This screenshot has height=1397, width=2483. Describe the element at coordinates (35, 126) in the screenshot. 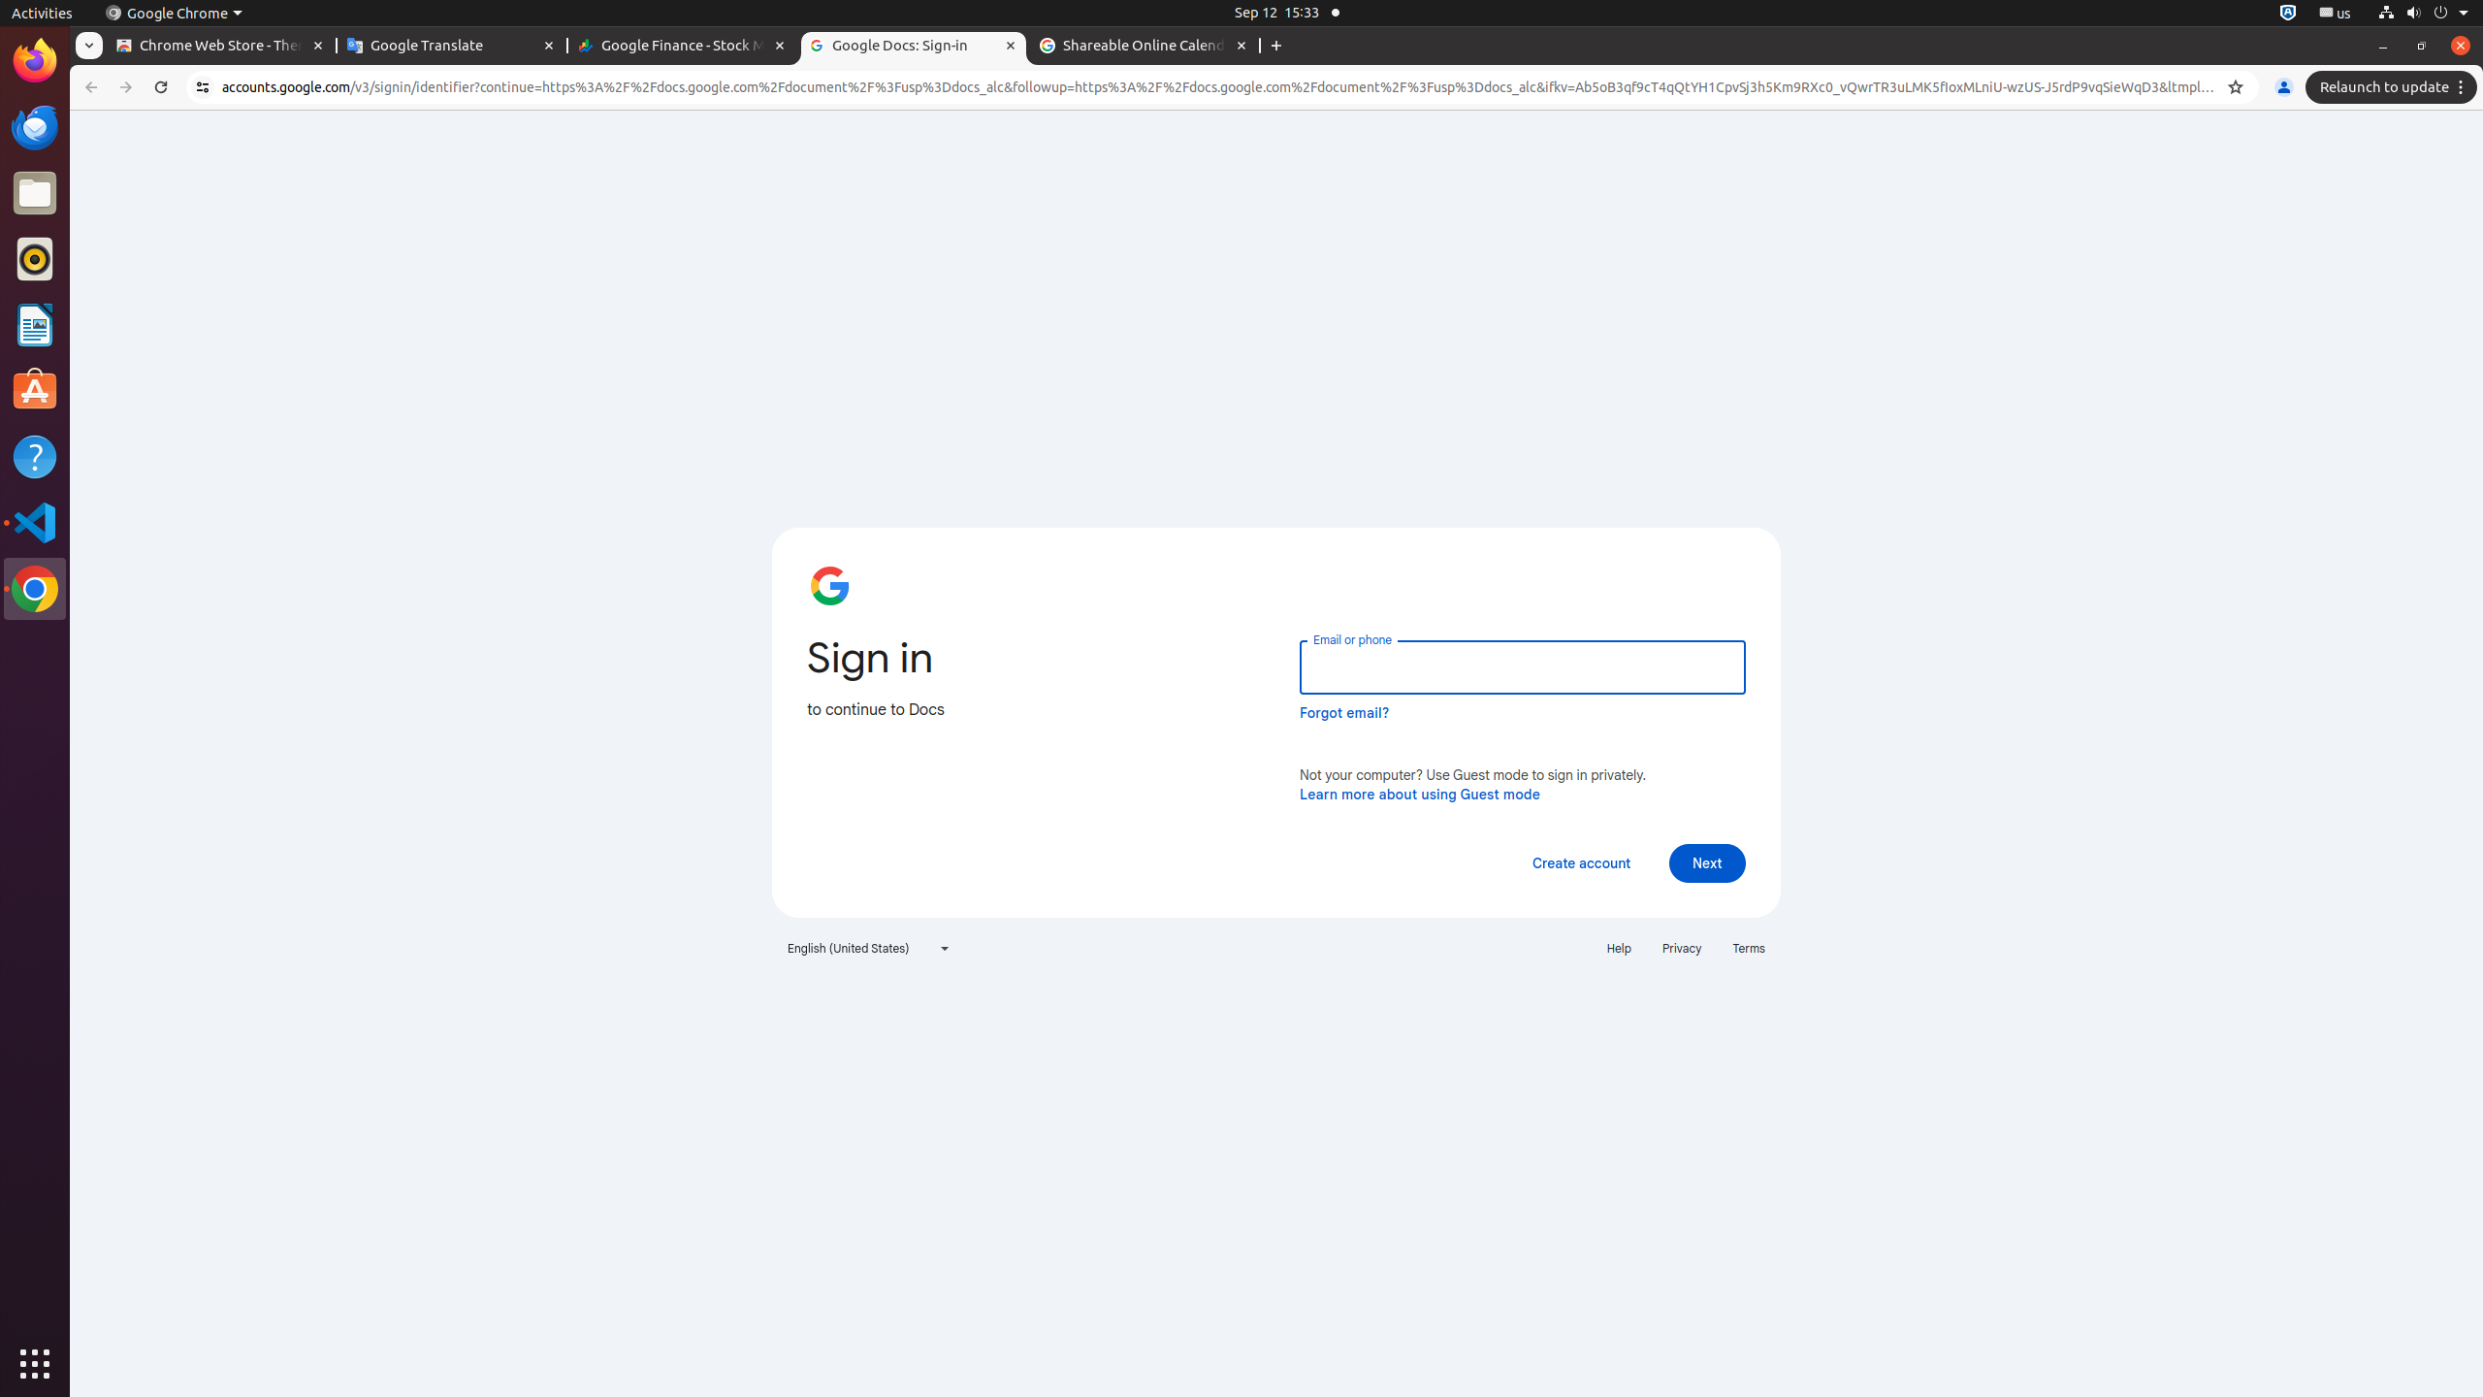

I see `'Thunderbird Mail'` at that location.